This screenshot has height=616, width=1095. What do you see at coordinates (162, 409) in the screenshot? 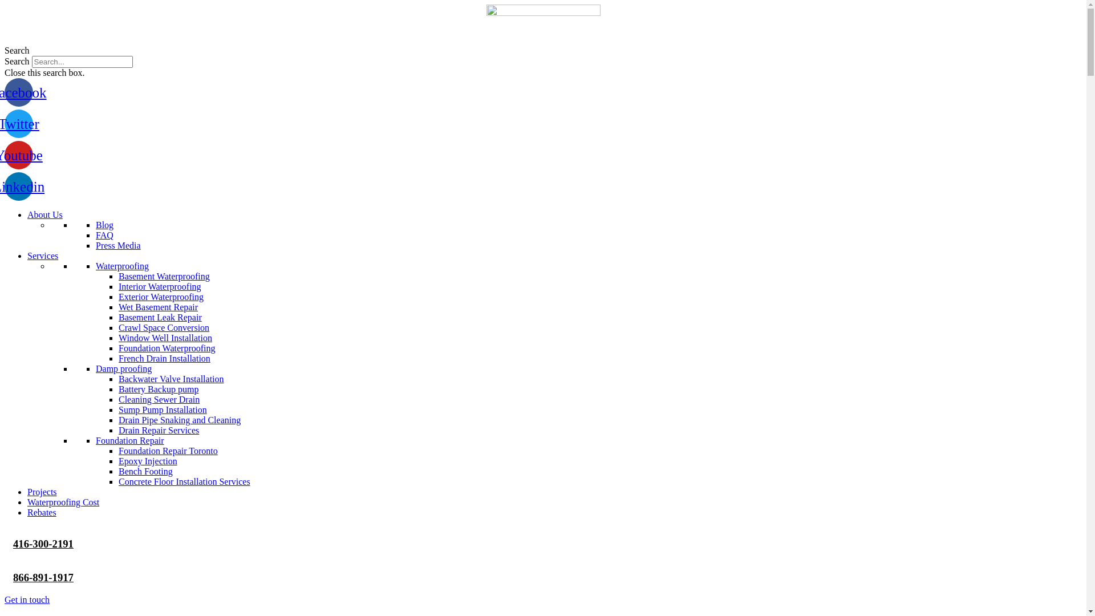
I see `'Sump Pump Installation'` at bounding box center [162, 409].